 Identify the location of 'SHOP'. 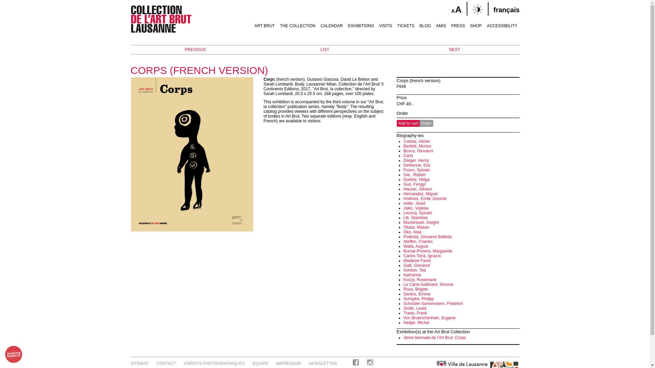
(476, 23).